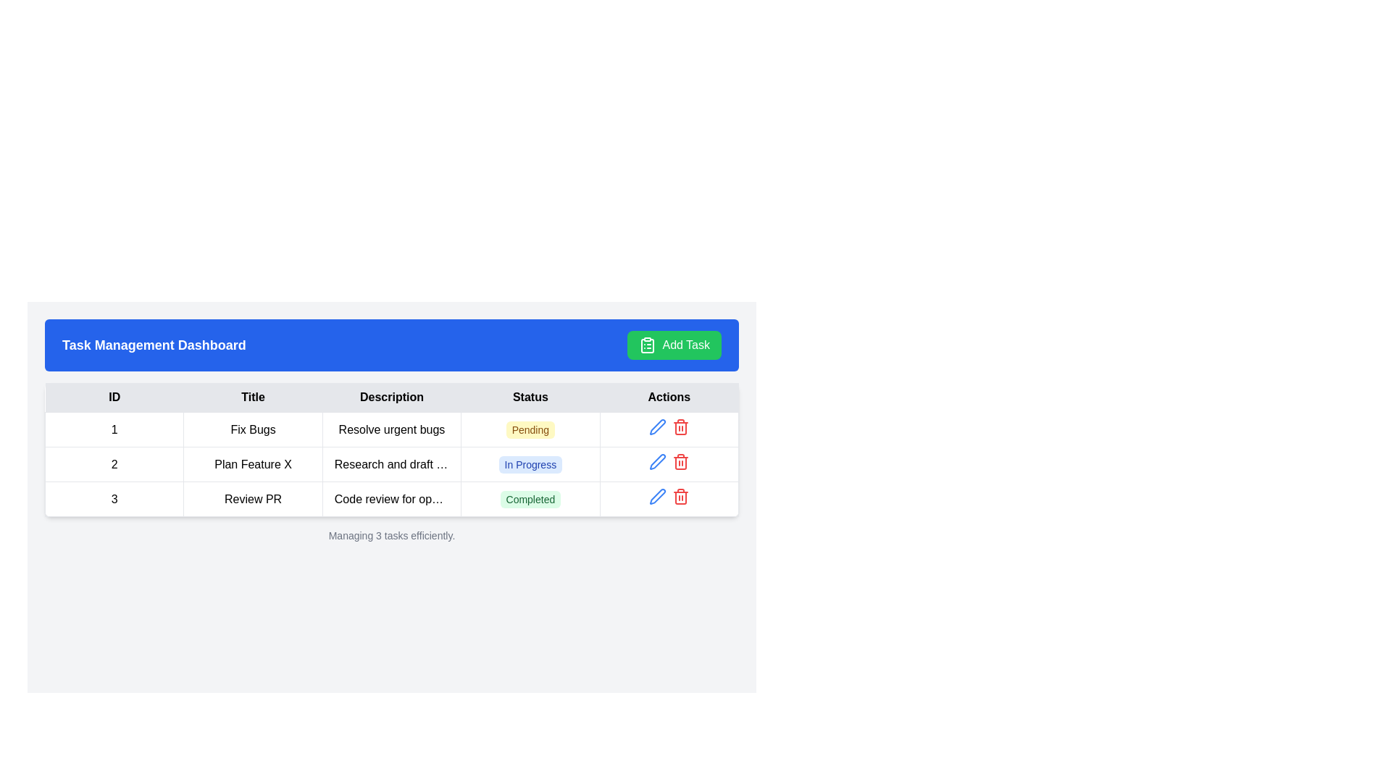  I want to click on bold text label 'Task Management Dashboard' displayed in large white font on a blue background, located at the center-left of the blue banner at the top of the main content area, so click(154, 345).